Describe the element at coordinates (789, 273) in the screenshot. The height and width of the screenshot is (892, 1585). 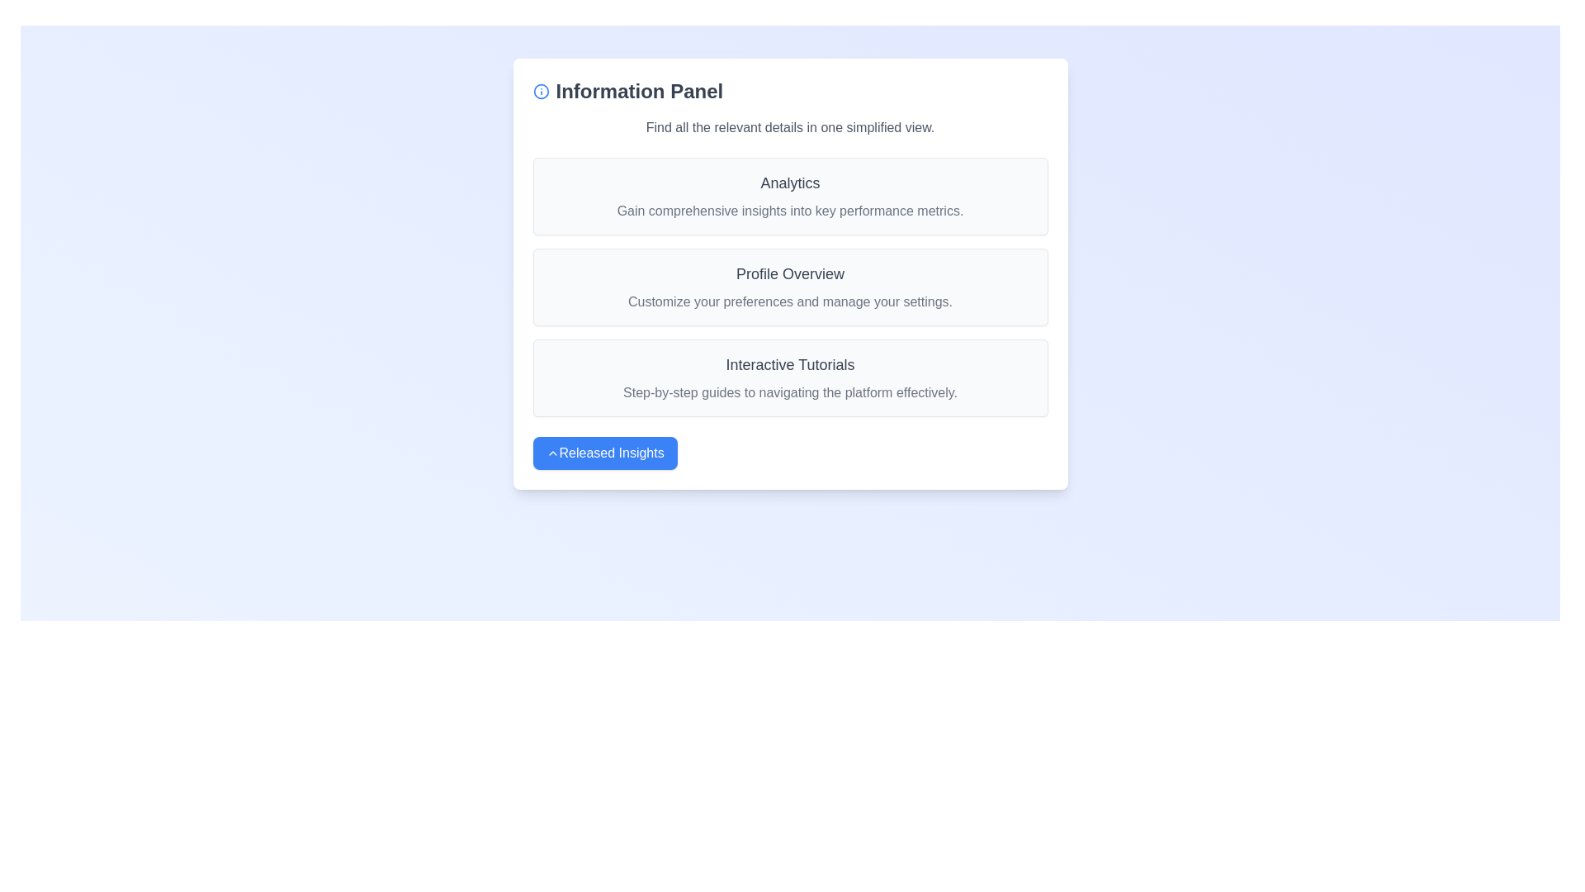
I see `the interactive sections within the Informational Card titled 'Information Panel', which is a card-like component with a white background and rounded corners, located below the top bar and above the 'Released Insights' button` at that location.